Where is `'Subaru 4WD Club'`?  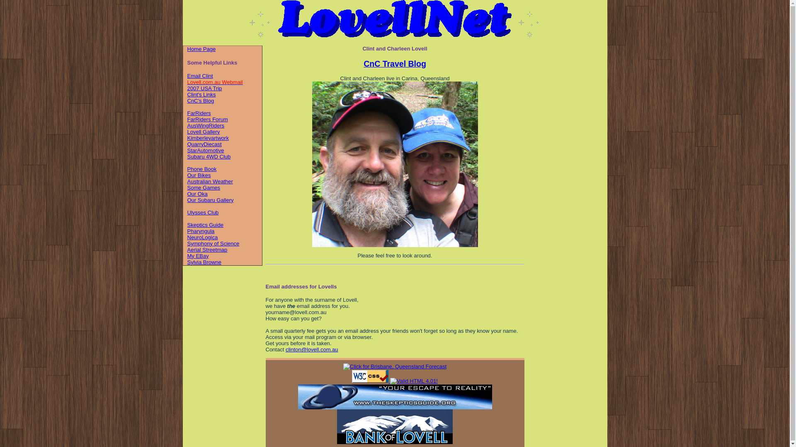
'Subaru 4WD Club' is located at coordinates (209, 156).